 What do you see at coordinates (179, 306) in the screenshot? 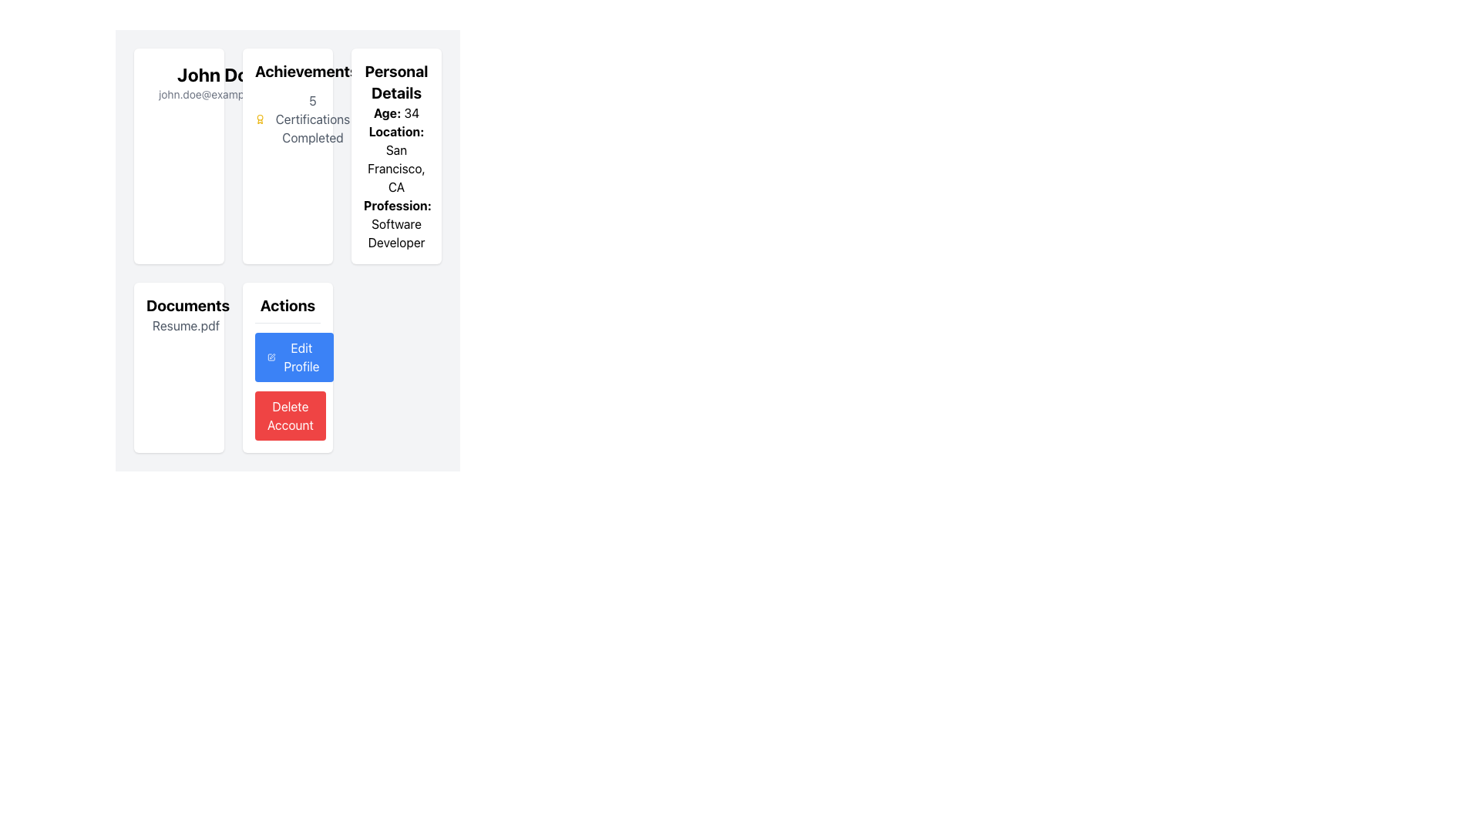
I see `the Text Label that serves as a title or heading for the section containing the document details` at bounding box center [179, 306].